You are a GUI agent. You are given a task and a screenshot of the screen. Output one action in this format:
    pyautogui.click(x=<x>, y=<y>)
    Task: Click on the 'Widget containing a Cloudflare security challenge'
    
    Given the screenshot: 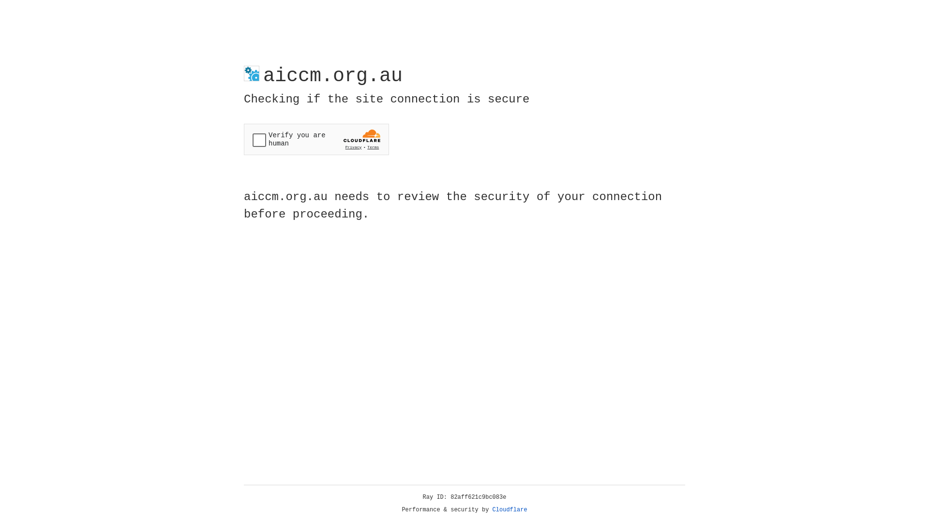 What is the action you would take?
    pyautogui.click(x=316, y=139)
    